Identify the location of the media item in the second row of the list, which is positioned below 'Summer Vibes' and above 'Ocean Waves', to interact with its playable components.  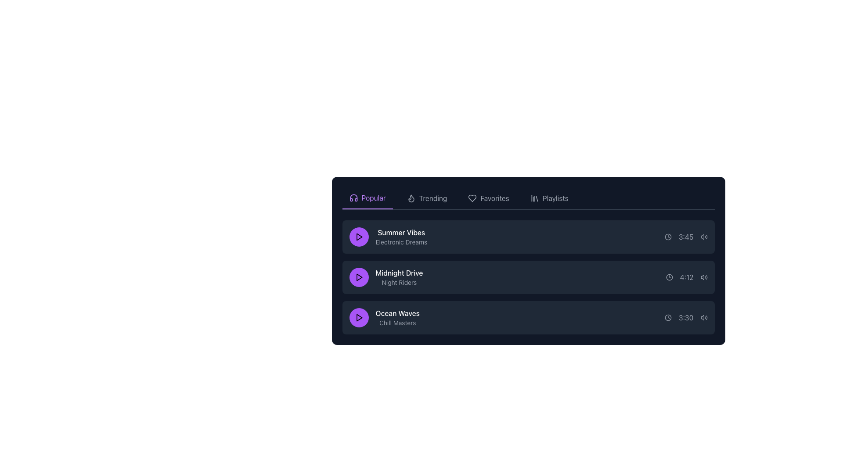
(386, 277).